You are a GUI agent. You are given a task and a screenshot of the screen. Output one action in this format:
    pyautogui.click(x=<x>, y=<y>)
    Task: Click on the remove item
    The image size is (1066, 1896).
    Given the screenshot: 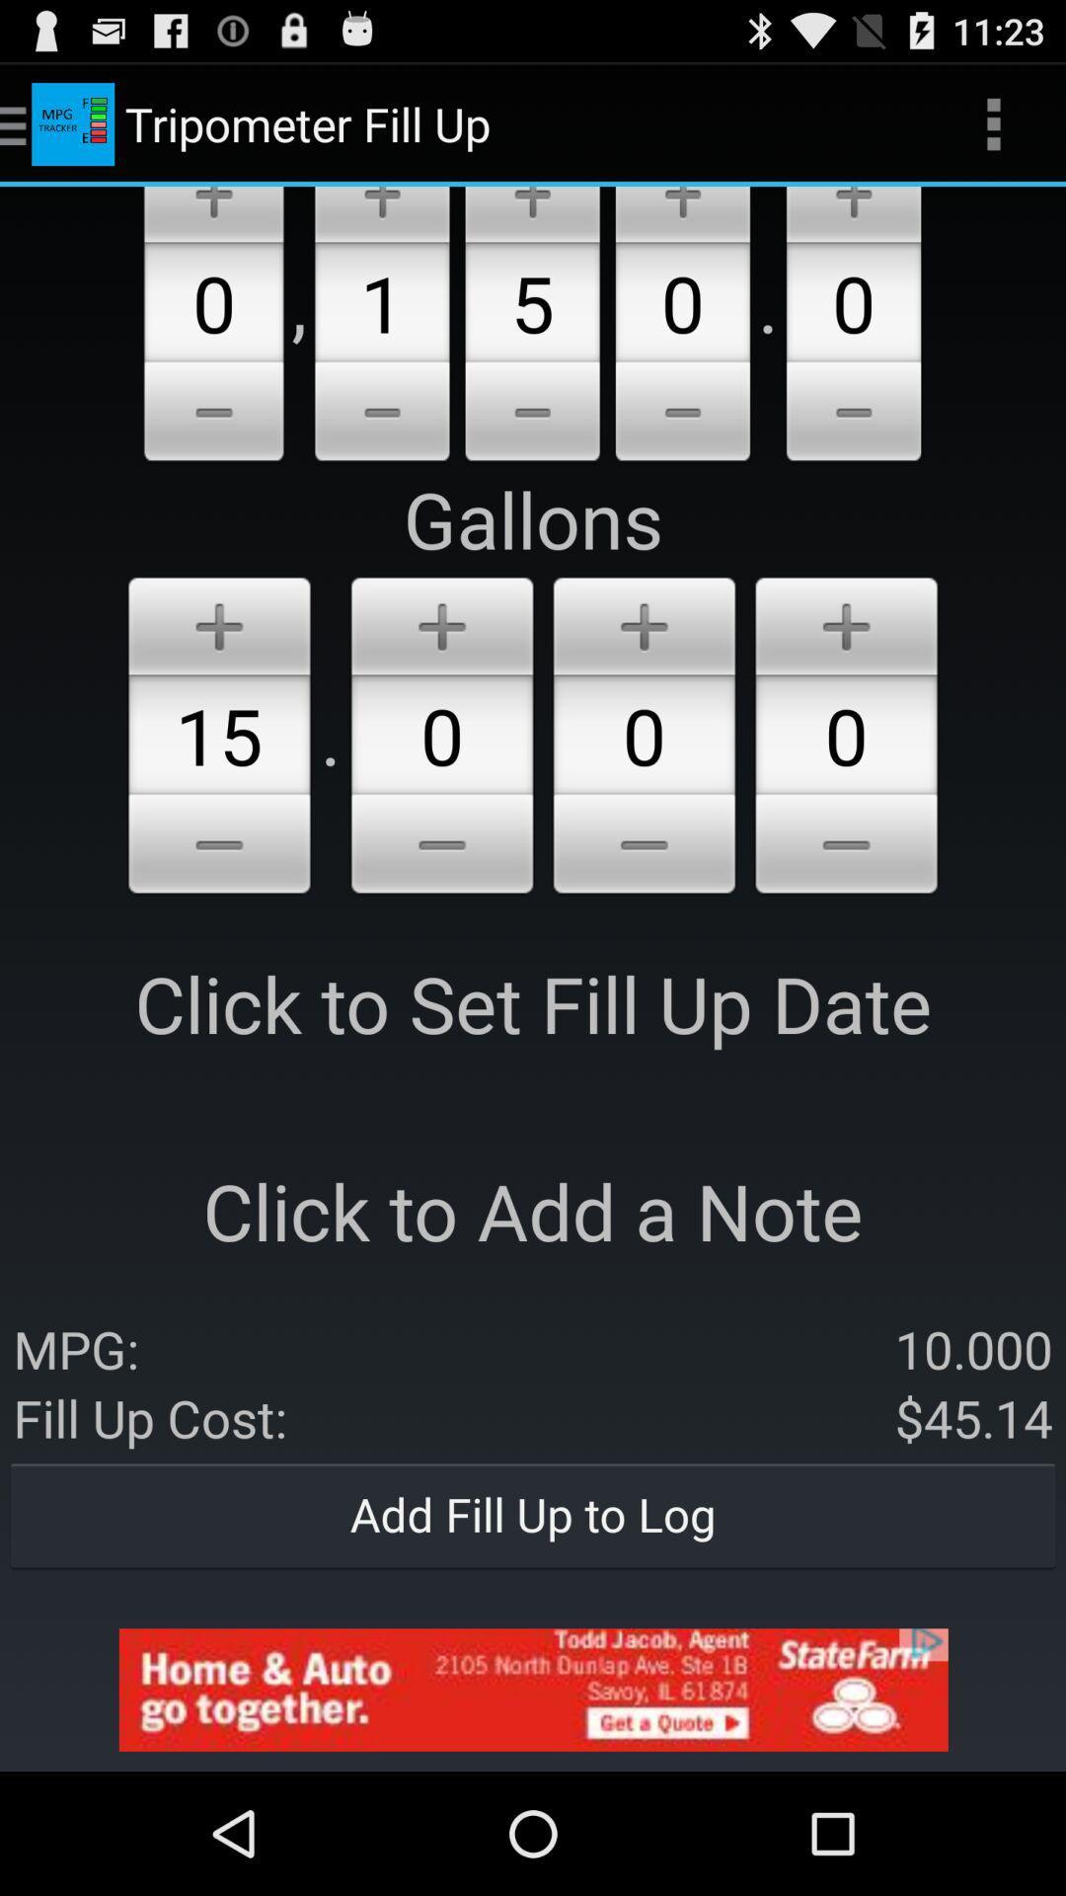 What is the action you would take?
    pyautogui.click(x=845, y=847)
    